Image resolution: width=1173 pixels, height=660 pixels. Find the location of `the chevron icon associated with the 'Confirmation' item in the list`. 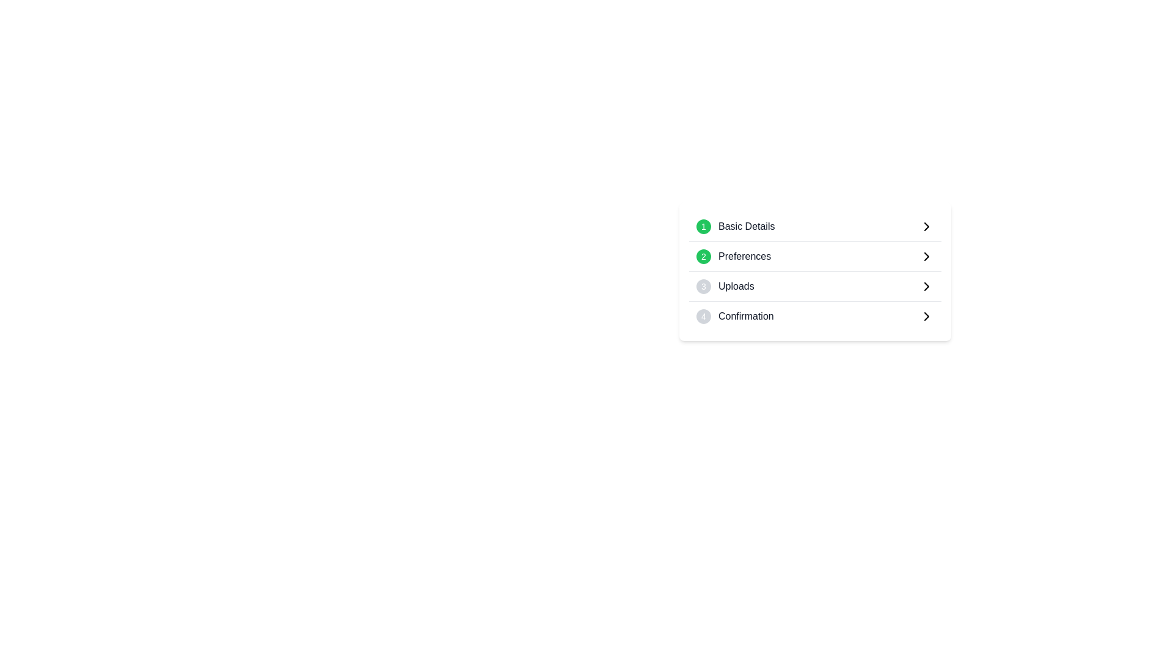

the chevron icon associated with the 'Confirmation' item in the list is located at coordinates (926, 315).